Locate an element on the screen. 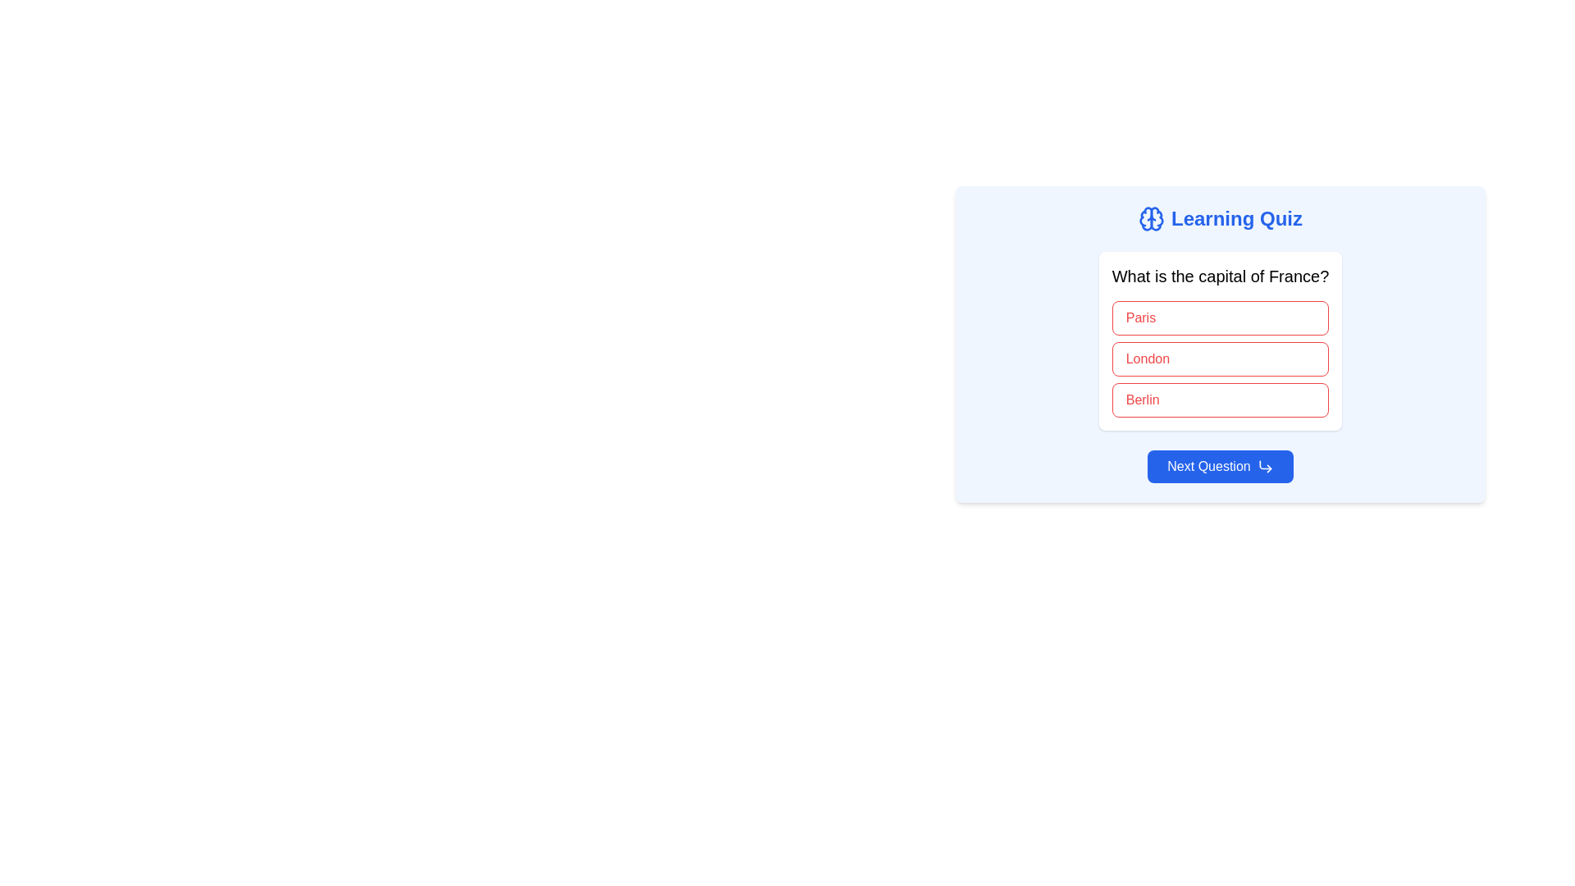 Image resolution: width=1575 pixels, height=886 pixels. text label 'Next Question' which is part of the button at the bottom of the quiz interface is located at coordinates (1208, 467).